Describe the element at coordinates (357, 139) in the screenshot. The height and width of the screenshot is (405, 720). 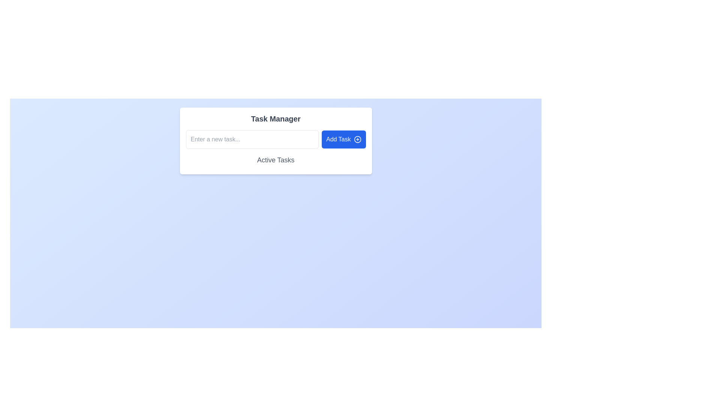
I see `the visual design of the circular plus icon inside the blue button labeled 'Add Task', located to the right of the text 'Add Task' within the Task Manager card` at that location.